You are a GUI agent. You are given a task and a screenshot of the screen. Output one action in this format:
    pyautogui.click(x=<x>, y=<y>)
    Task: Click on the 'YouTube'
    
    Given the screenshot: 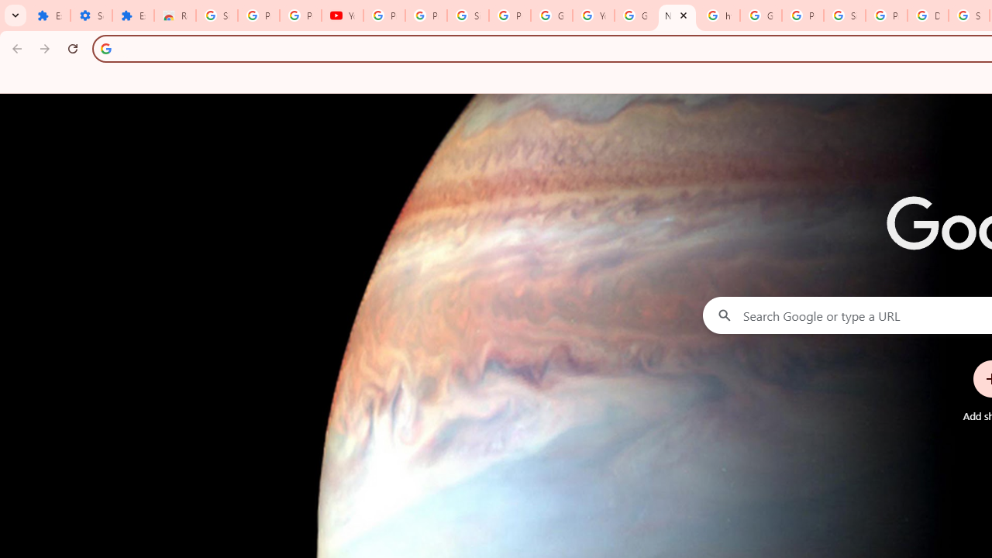 What is the action you would take?
    pyautogui.click(x=341, y=15)
    